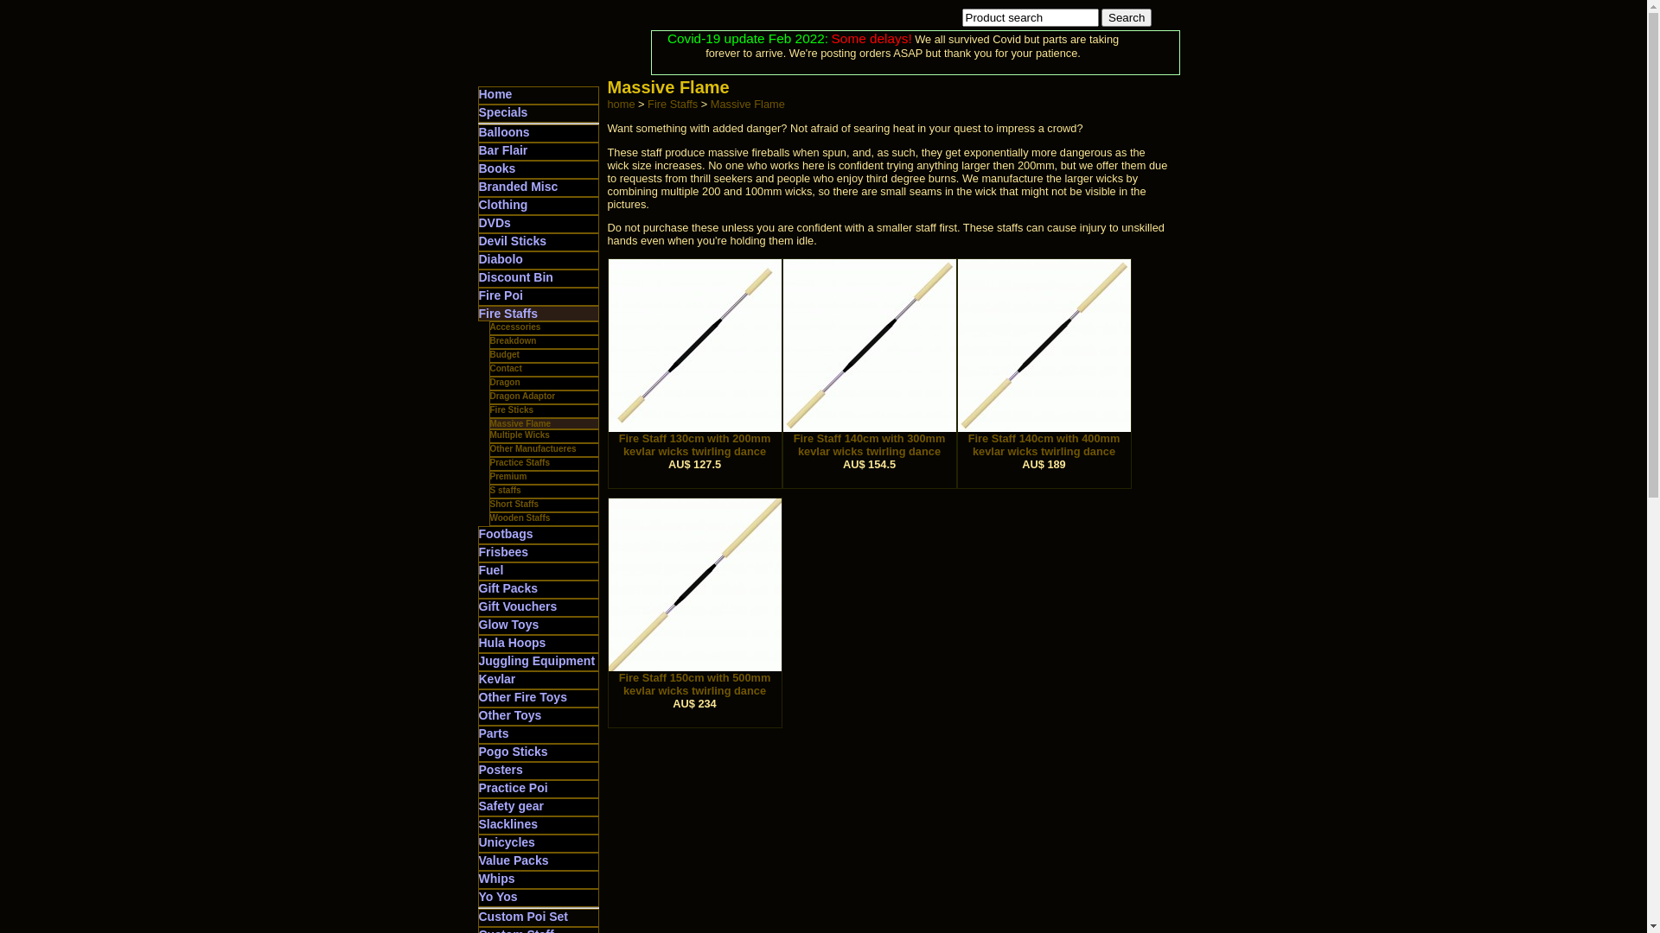 The width and height of the screenshot is (1660, 933). Describe the element at coordinates (500, 769) in the screenshot. I see `'Posters'` at that location.